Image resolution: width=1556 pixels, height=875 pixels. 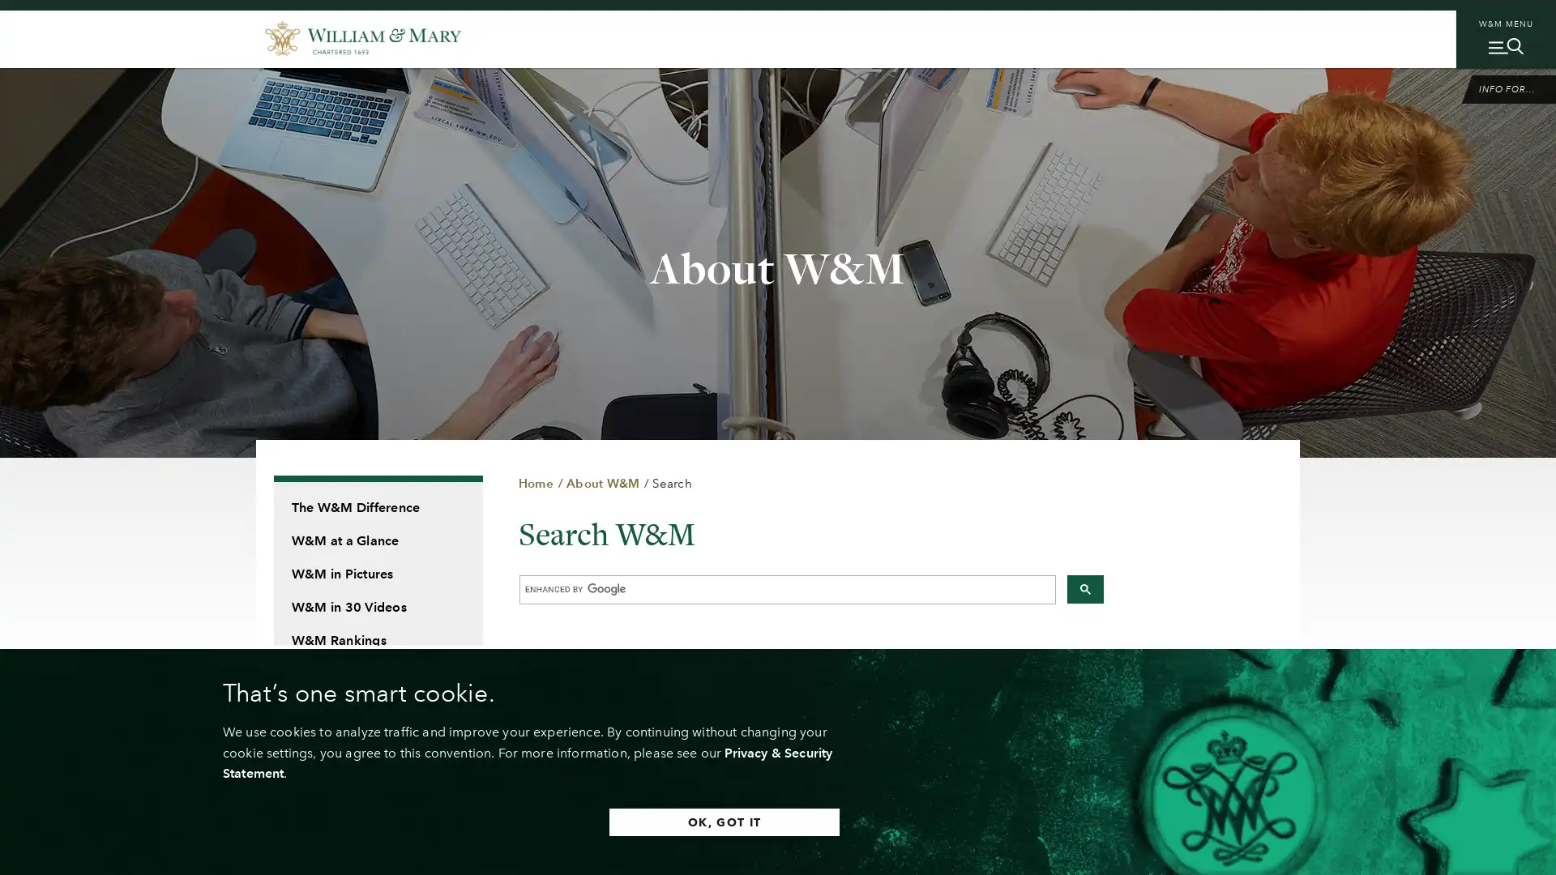 I want to click on search, so click(x=1084, y=589).